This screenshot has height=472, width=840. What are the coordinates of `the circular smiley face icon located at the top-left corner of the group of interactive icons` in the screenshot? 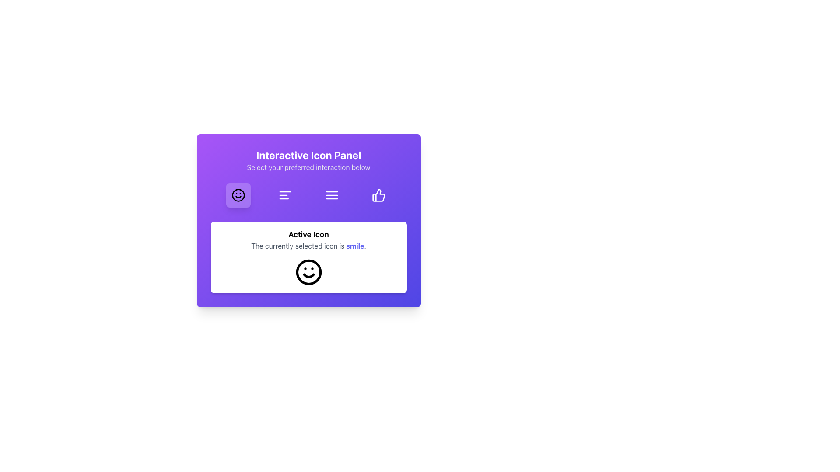 It's located at (238, 195).